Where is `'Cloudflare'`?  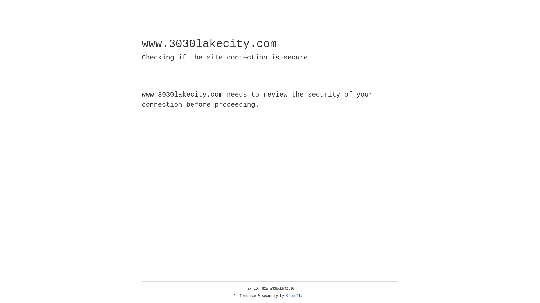
'Cloudflare' is located at coordinates (296, 296).